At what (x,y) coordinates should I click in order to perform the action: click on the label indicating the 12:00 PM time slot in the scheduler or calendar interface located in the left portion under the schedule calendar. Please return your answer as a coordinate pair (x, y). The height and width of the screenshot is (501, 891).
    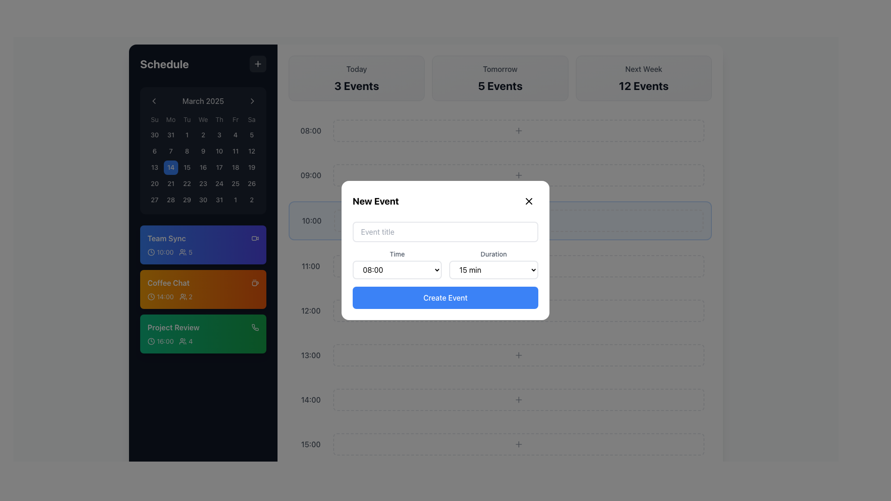
    Looking at the image, I should click on (311, 311).